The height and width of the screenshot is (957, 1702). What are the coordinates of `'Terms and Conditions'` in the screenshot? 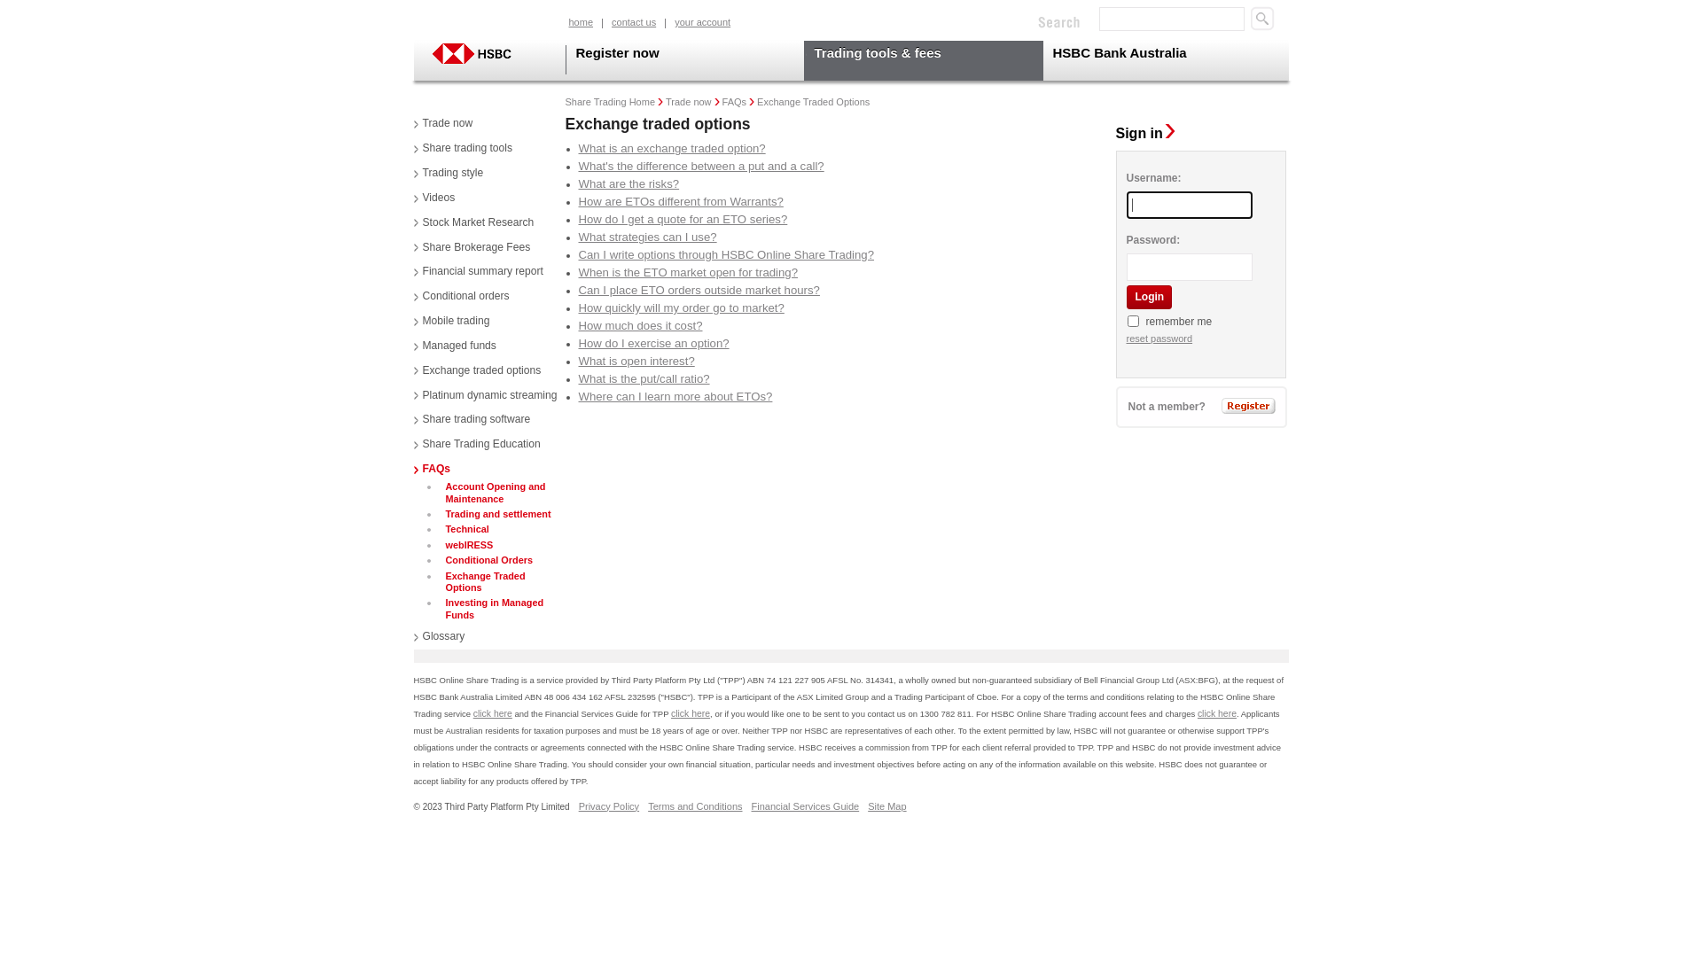 It's located at (646, 806).